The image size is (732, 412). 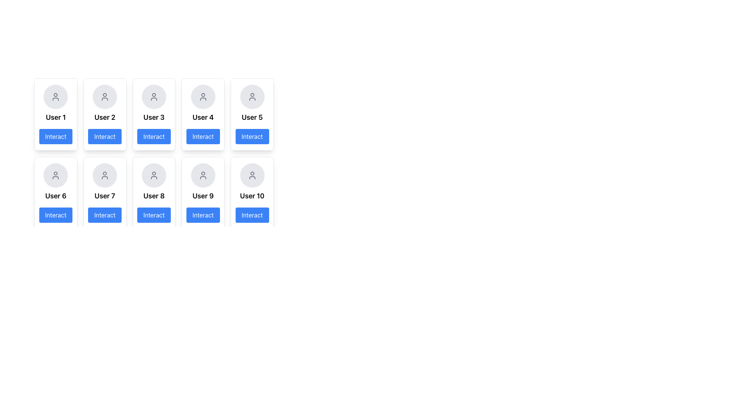 I want to click on the text label displaying 'User 3', which is located below the avatar icon and above the 'Interact' button in the third card of the top row in a 5x2 grid layout, so click(x=153, y=117).